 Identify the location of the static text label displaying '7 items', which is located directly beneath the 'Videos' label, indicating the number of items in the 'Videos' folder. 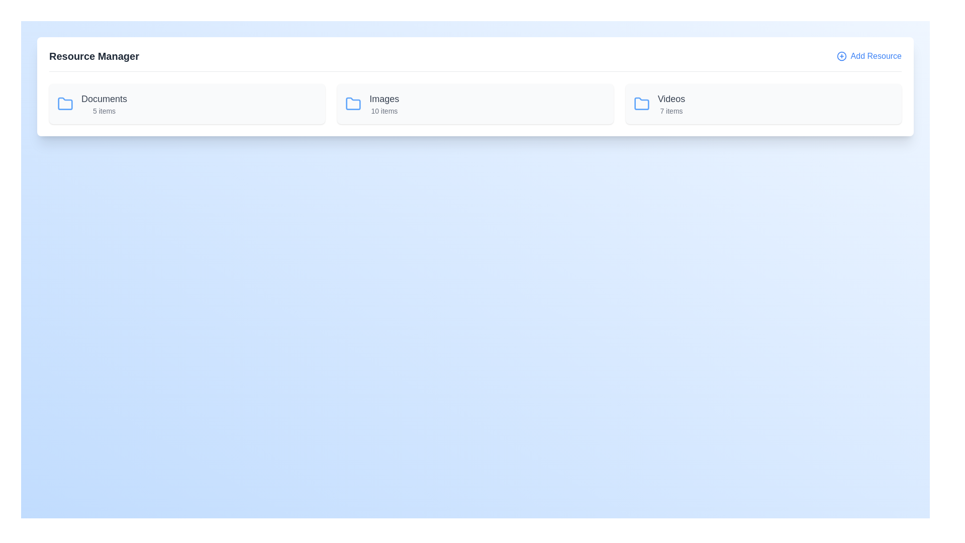
(671, 111).